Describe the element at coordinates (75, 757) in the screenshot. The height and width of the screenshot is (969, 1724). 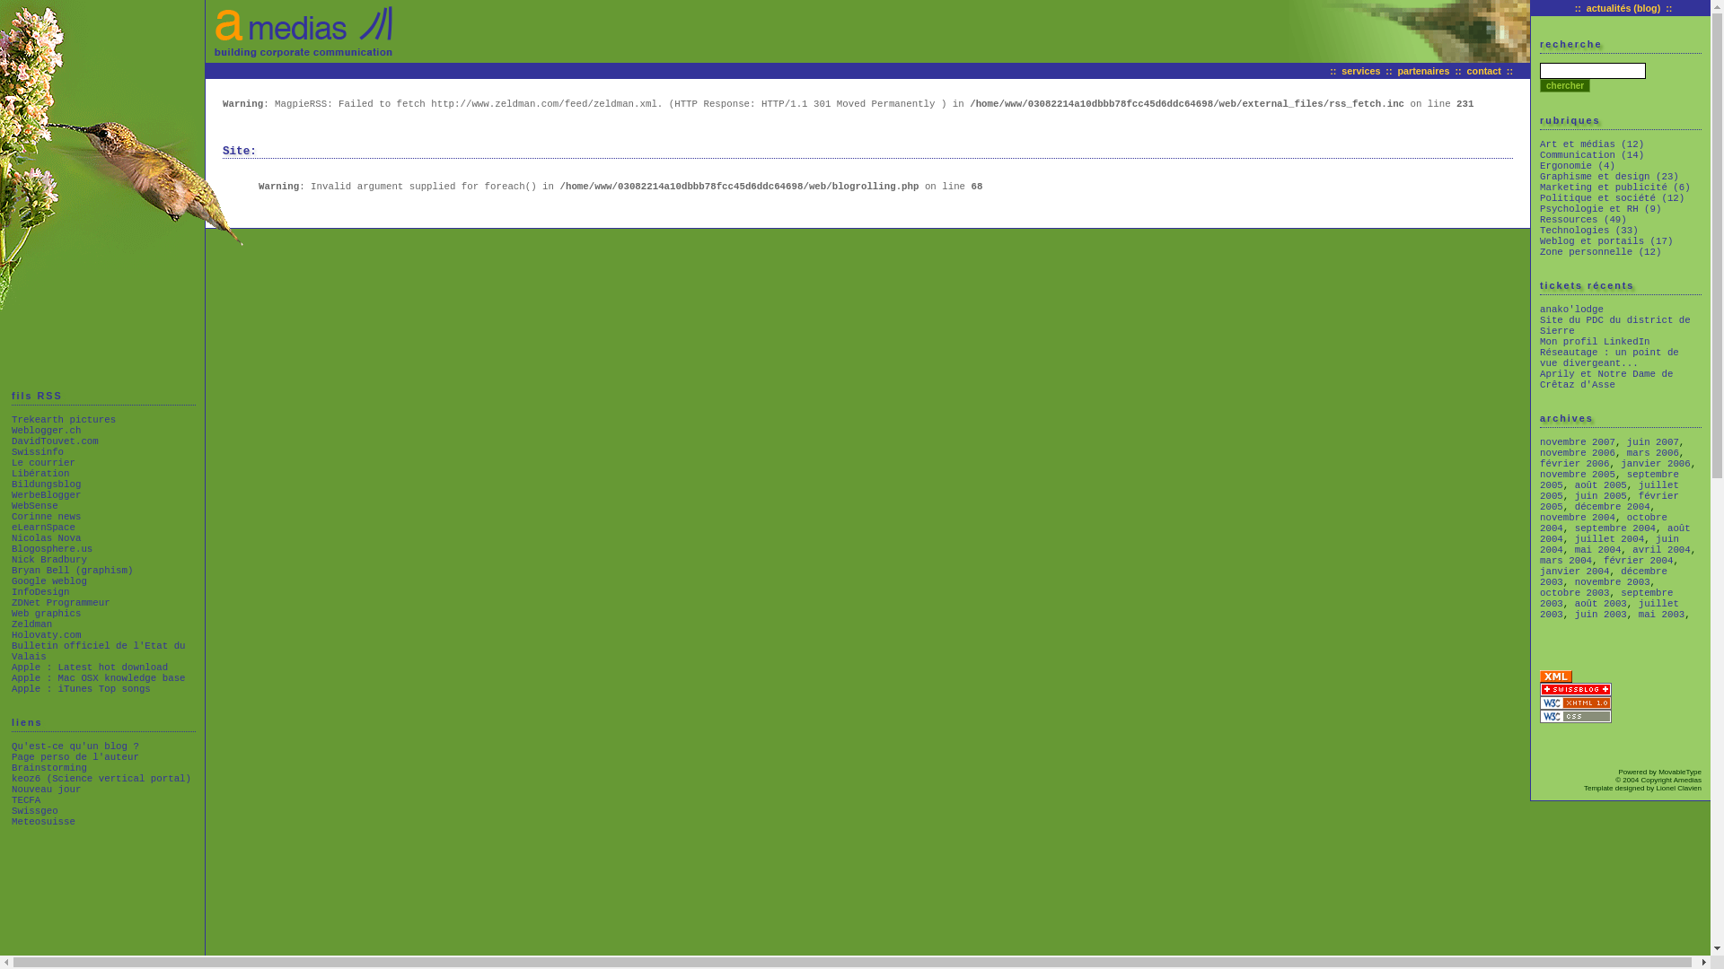
I see `'Page perso de l'auteur'` at that location.